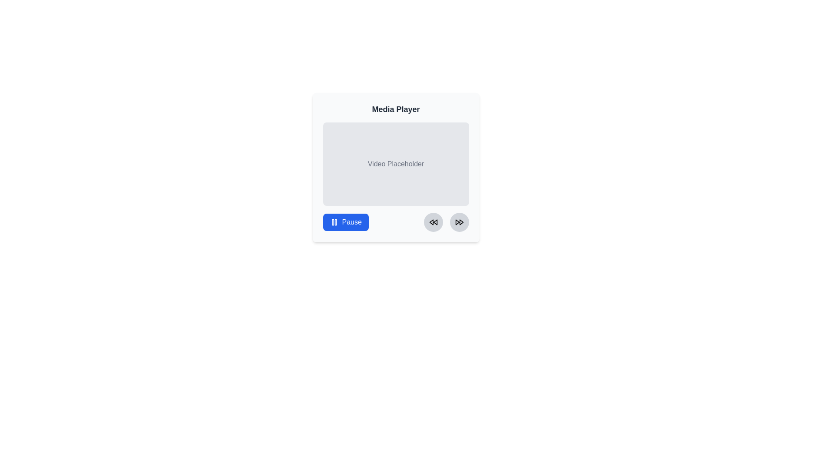 Image resolution: width=834 pixels, height=469 pixels. What do you see at coordinates (334, 222) in the screenshot?
I see `the 'Pause' icon located at the bottom-left corner of the media player interface` at bounding box center [334, 222].